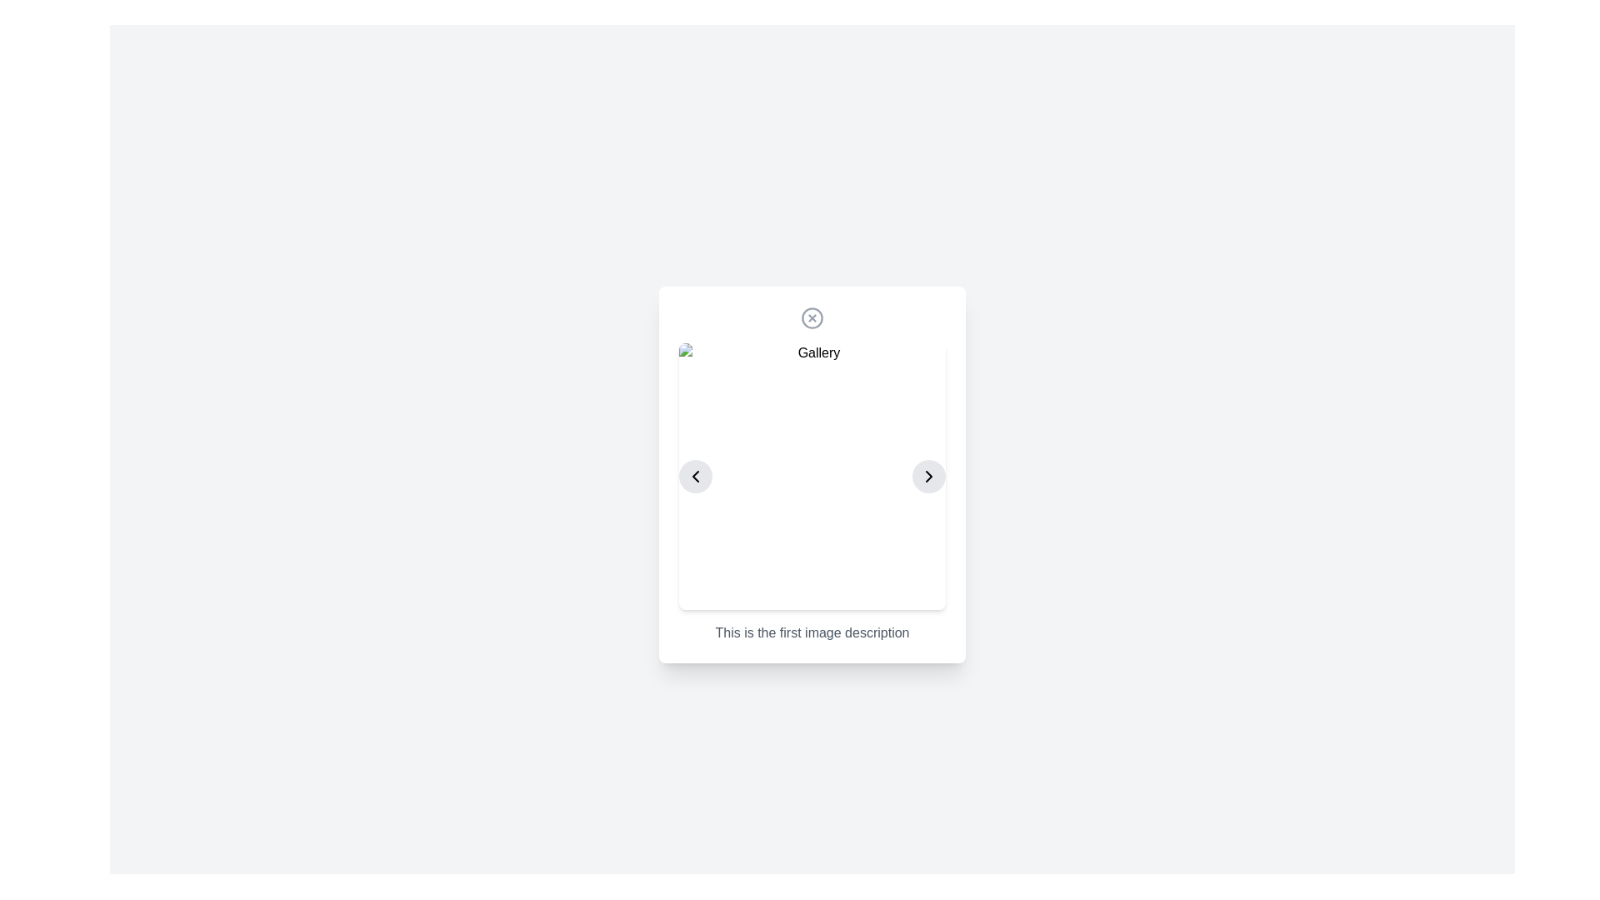  I want to click on the navigation button on the right side of the gallery or carousel to observe hover effects, so click(927, 476).